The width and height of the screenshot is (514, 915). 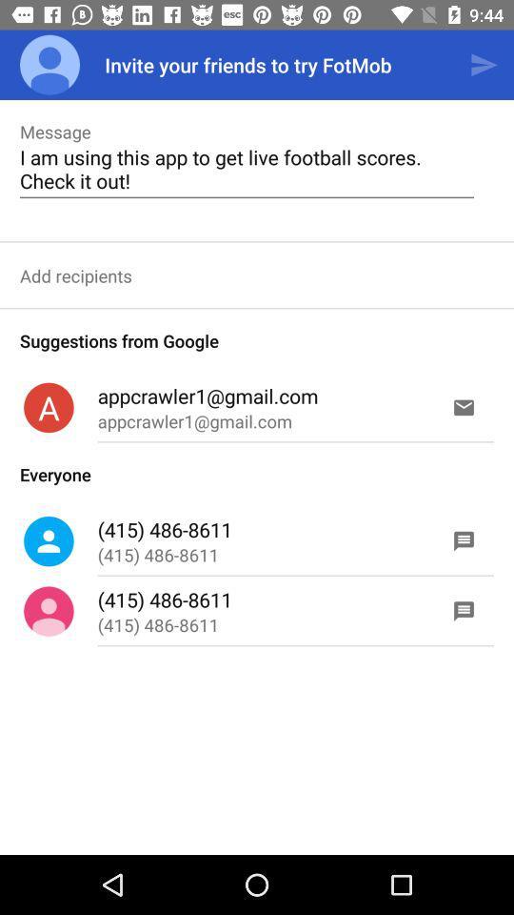 What do you see at coordinates (484, 65) in the screenshot?
I see `item at the top right corner` at bounding box center [484, 65].